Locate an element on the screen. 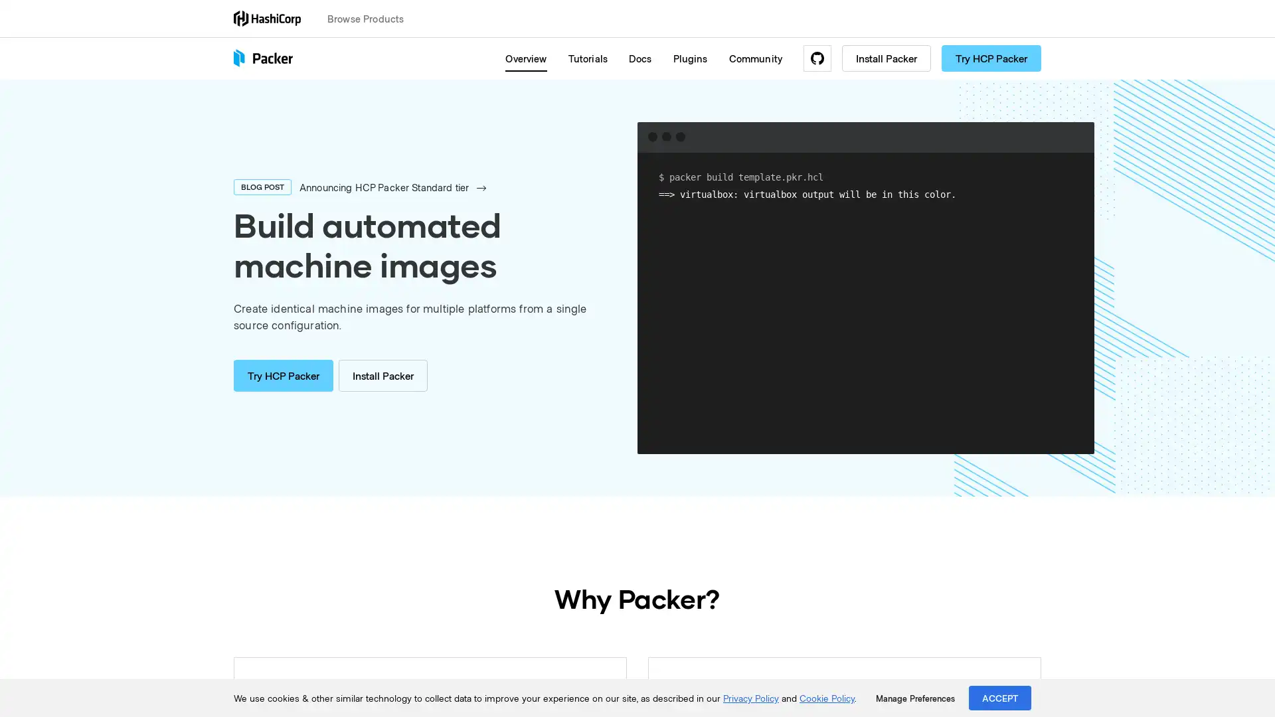 Image resolution: width=1275 pixels, height=717 pixels. ACCEPT is located at coordinates (1000, 697).